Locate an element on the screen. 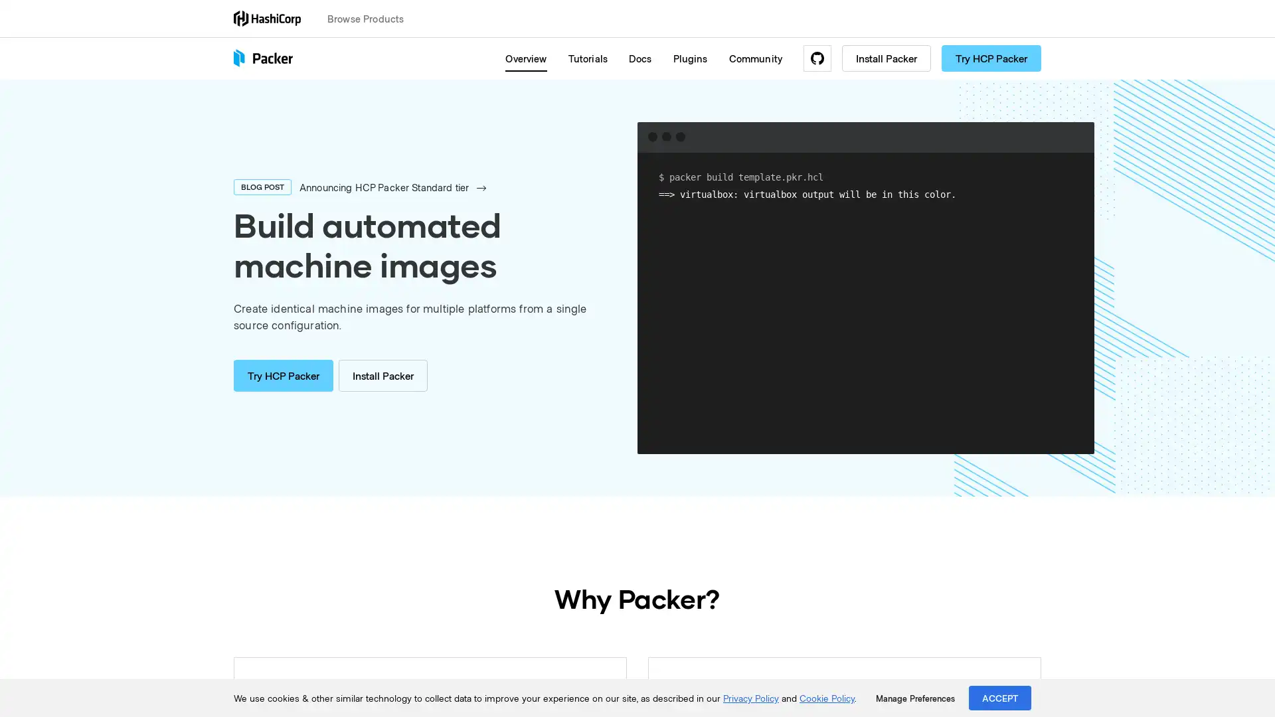 Image resolution: width=1275 pixels, height=717 pixels. ACCEPT is located at coordinates (1000, 697).